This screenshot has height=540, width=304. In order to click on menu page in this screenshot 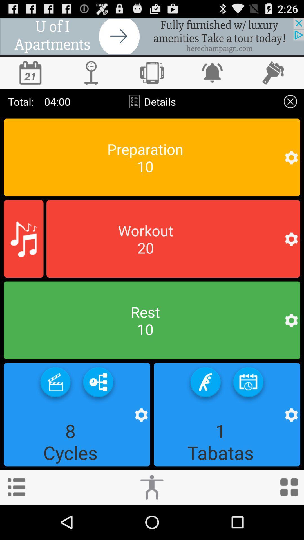, I will do `click(16, 487)`.